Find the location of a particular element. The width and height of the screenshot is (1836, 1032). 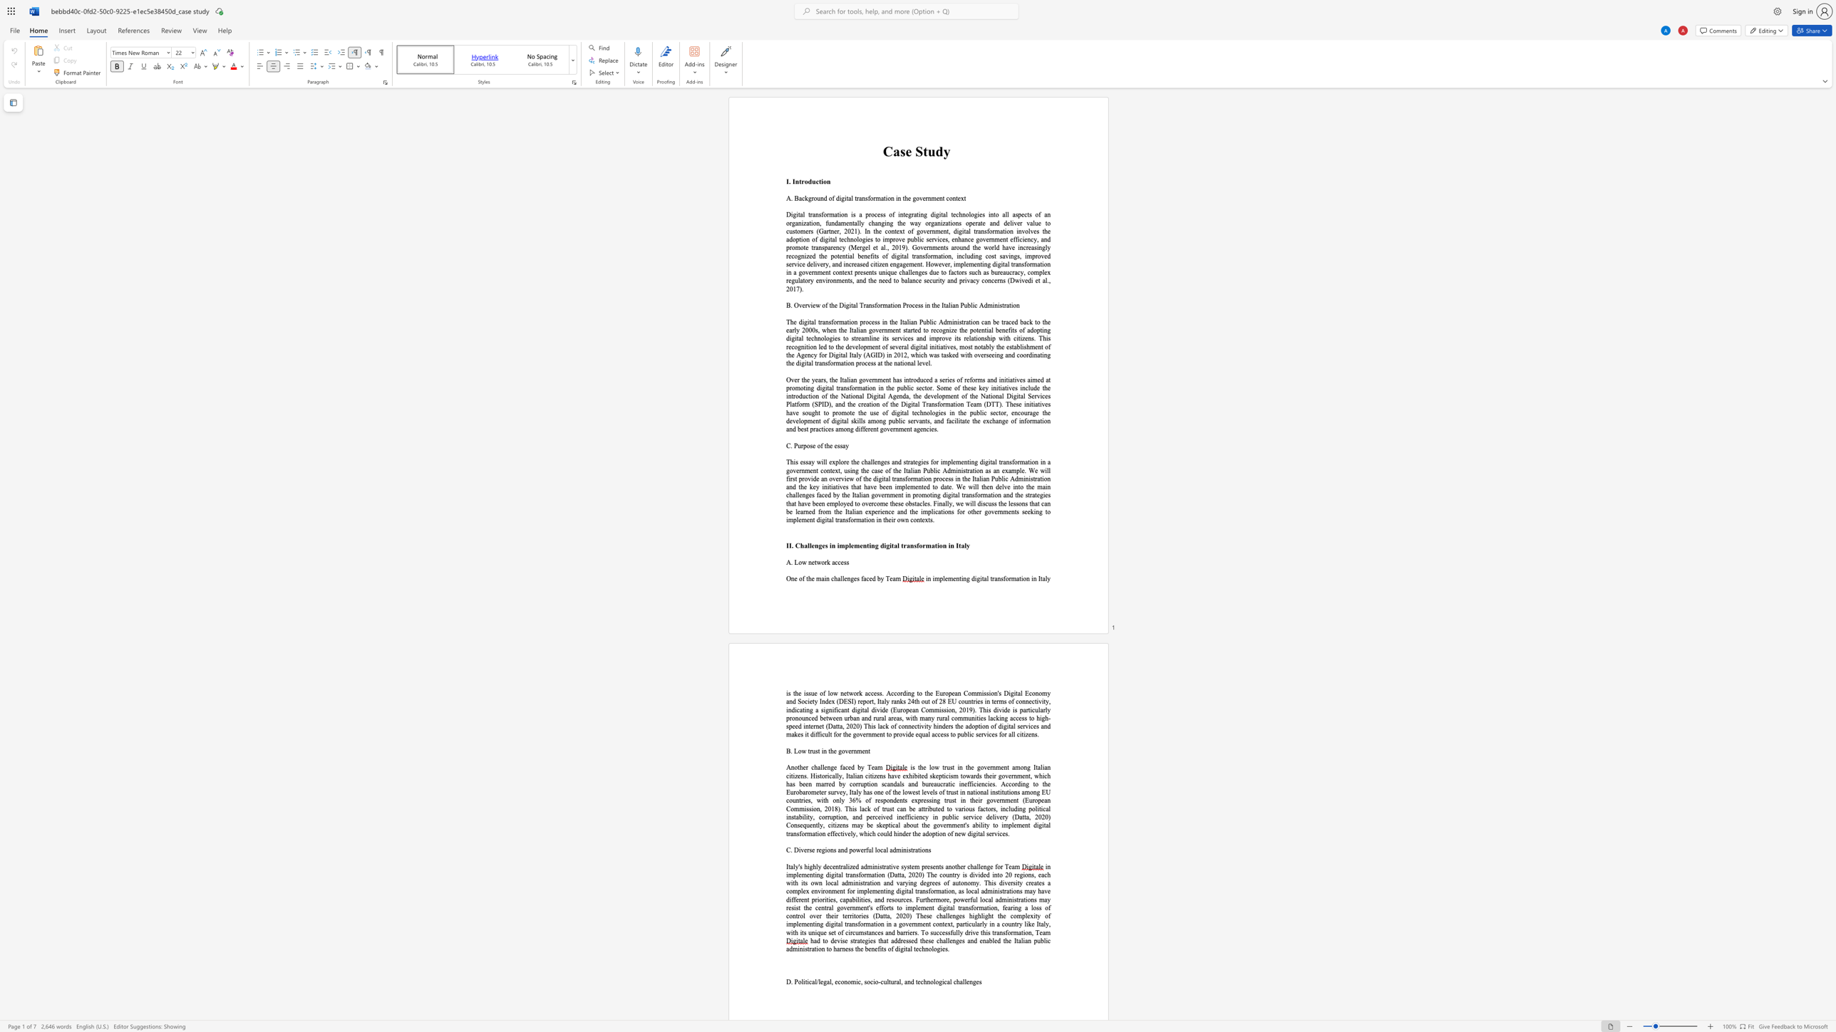

the subset text "in" within the text "indicating" is located at coordinates (804, 709).